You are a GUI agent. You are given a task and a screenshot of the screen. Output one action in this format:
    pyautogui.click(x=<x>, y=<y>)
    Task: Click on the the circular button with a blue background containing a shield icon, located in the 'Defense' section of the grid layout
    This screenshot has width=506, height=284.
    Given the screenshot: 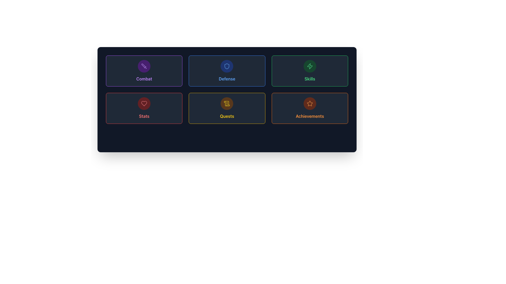 What is the action you would take?
    pyautogui.click(x=227, y=66)
    